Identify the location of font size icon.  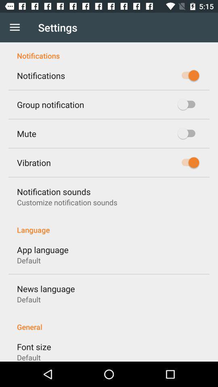
(34, 346).